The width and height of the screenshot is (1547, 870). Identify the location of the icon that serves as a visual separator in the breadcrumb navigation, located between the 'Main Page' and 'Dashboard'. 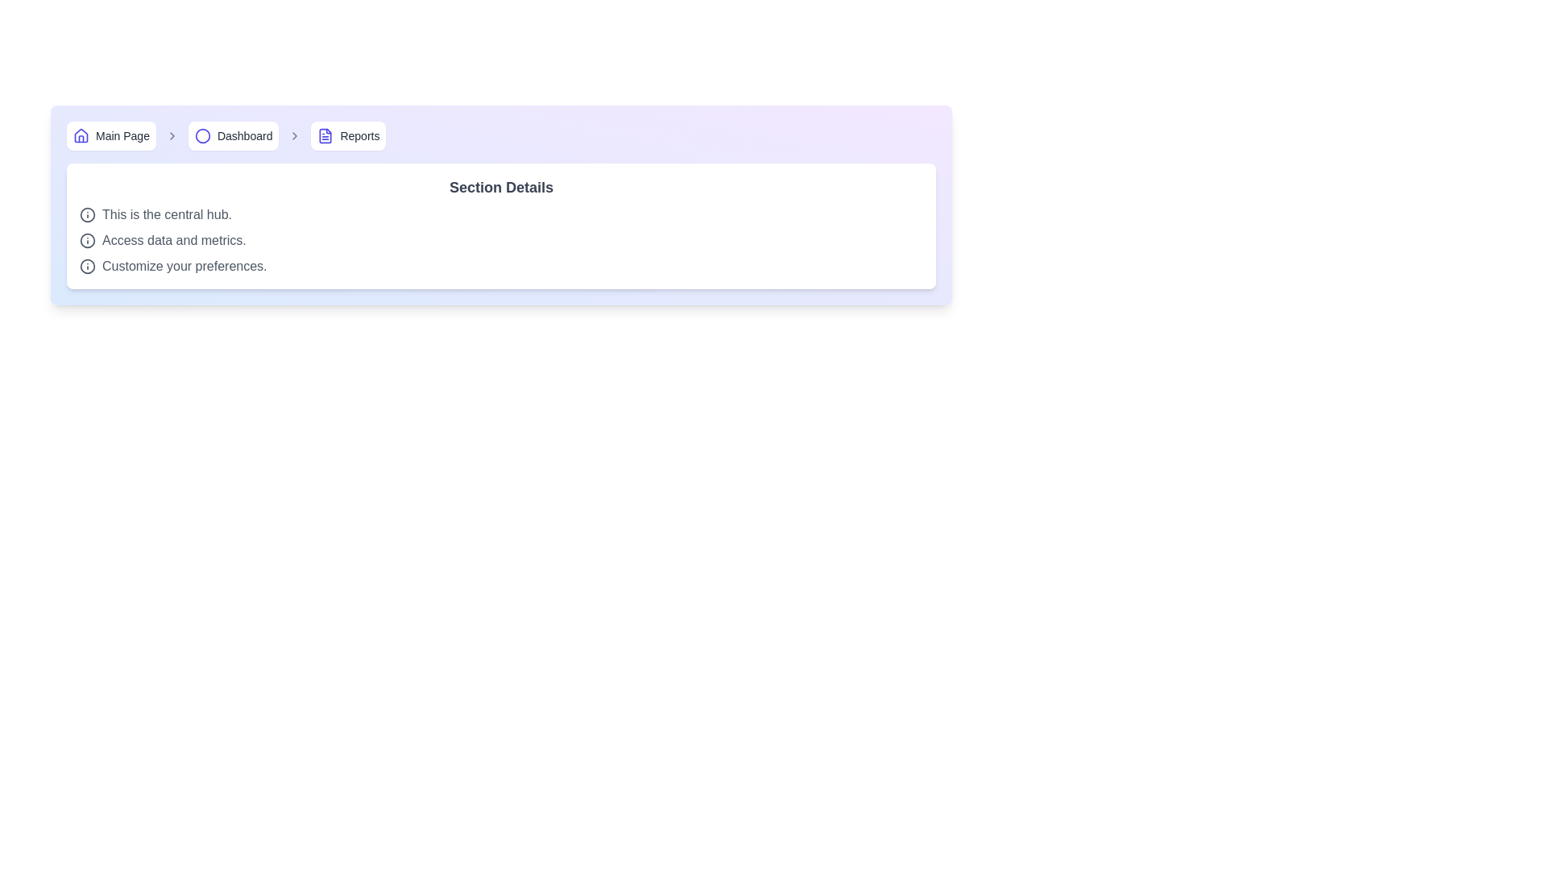
(172, 135).